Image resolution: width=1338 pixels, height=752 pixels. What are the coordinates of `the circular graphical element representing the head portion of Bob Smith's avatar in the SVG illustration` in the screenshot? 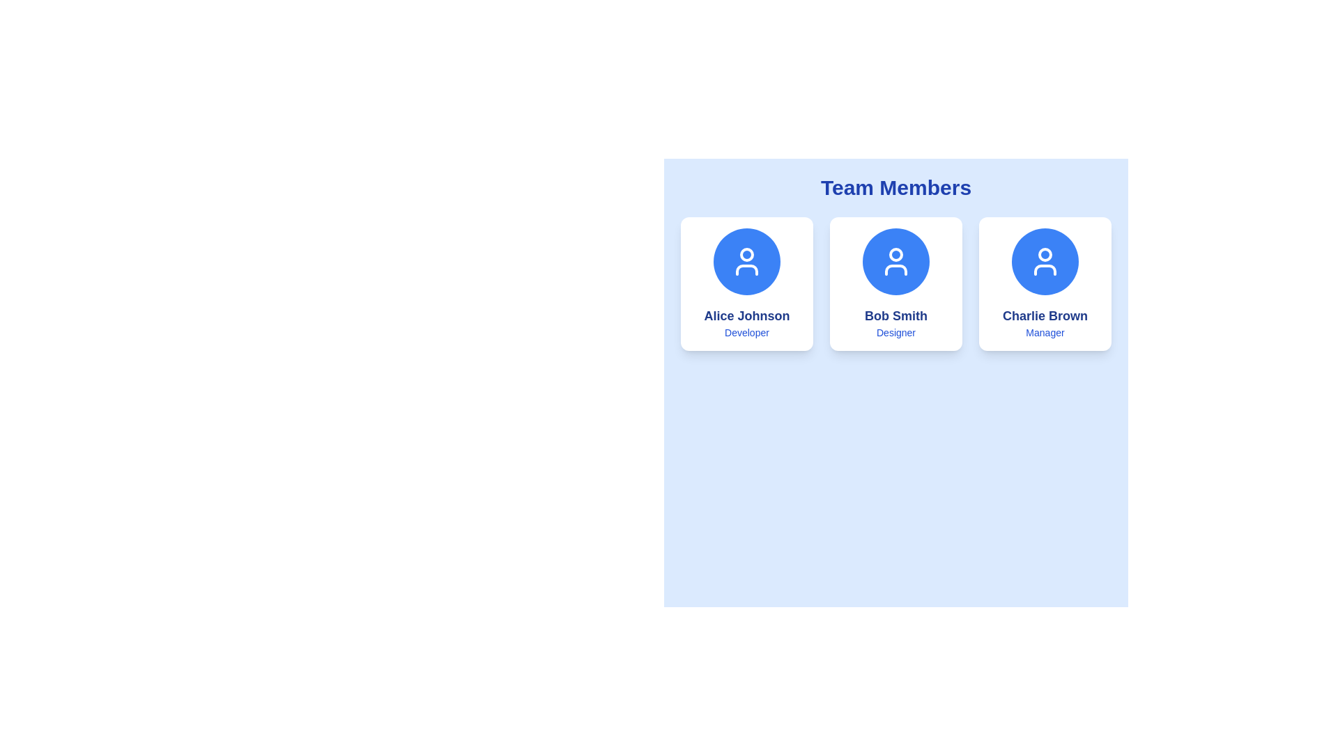 It's located at (896, 255).